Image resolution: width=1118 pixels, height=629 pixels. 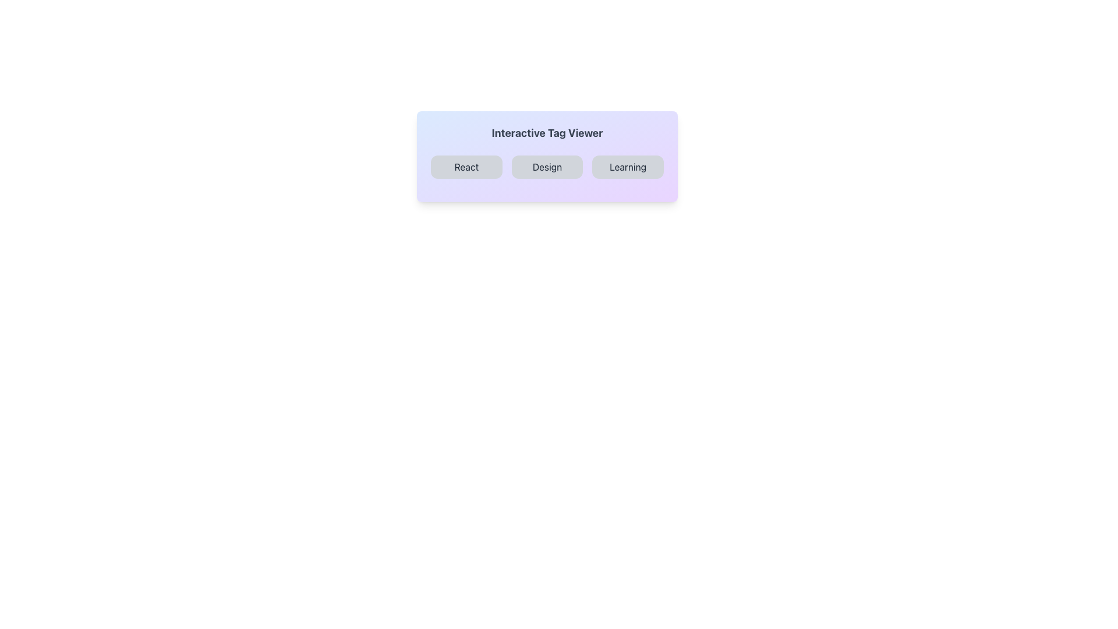 What do you see at coordinates (547, 167) in the screenshot?
I see `the second button labeled 'Design' in a group of three buttons that includes 'React' and 'Learning', all styled with rounded corners and a light gray background` at bounding box center [547, 167].